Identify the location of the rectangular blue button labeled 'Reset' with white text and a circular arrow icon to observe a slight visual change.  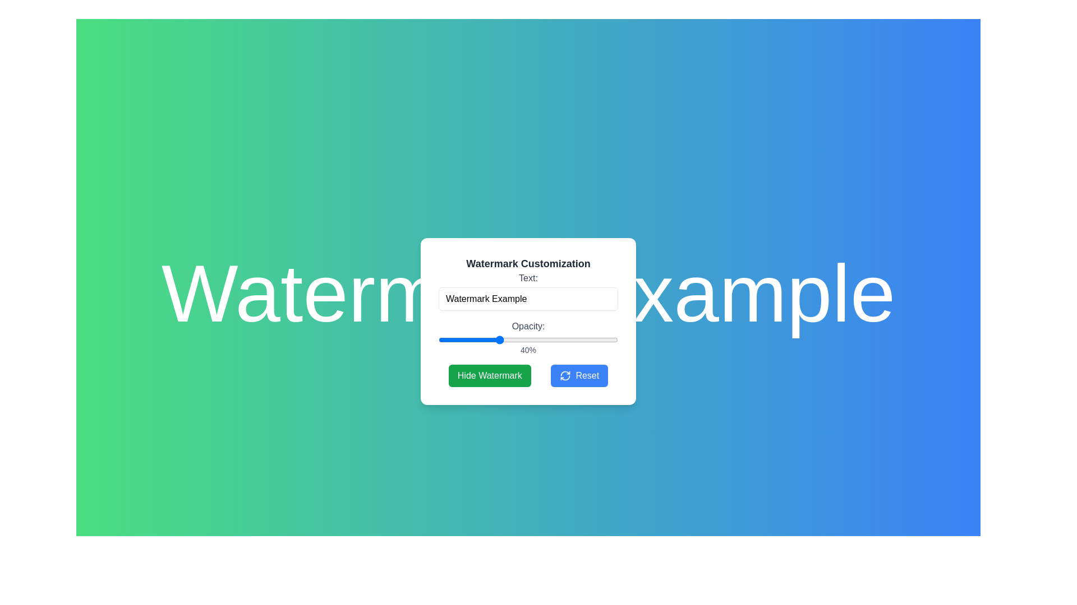
(579, 376).